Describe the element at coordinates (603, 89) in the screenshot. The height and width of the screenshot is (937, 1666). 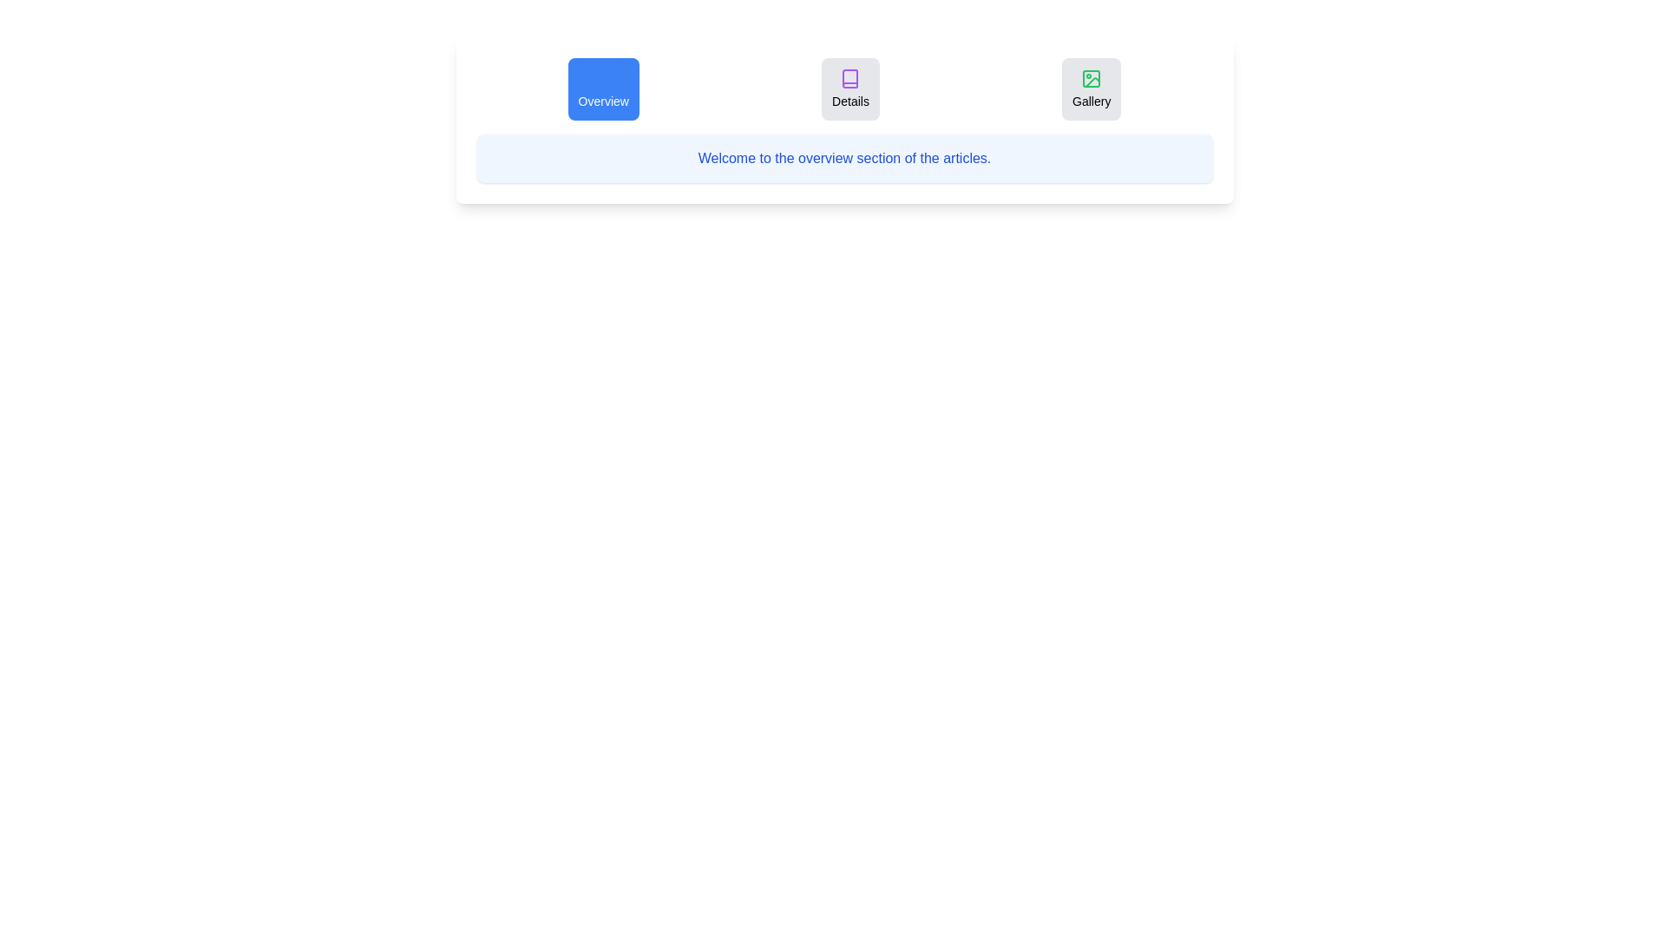
I see `the tab labeled Overview` at that location.